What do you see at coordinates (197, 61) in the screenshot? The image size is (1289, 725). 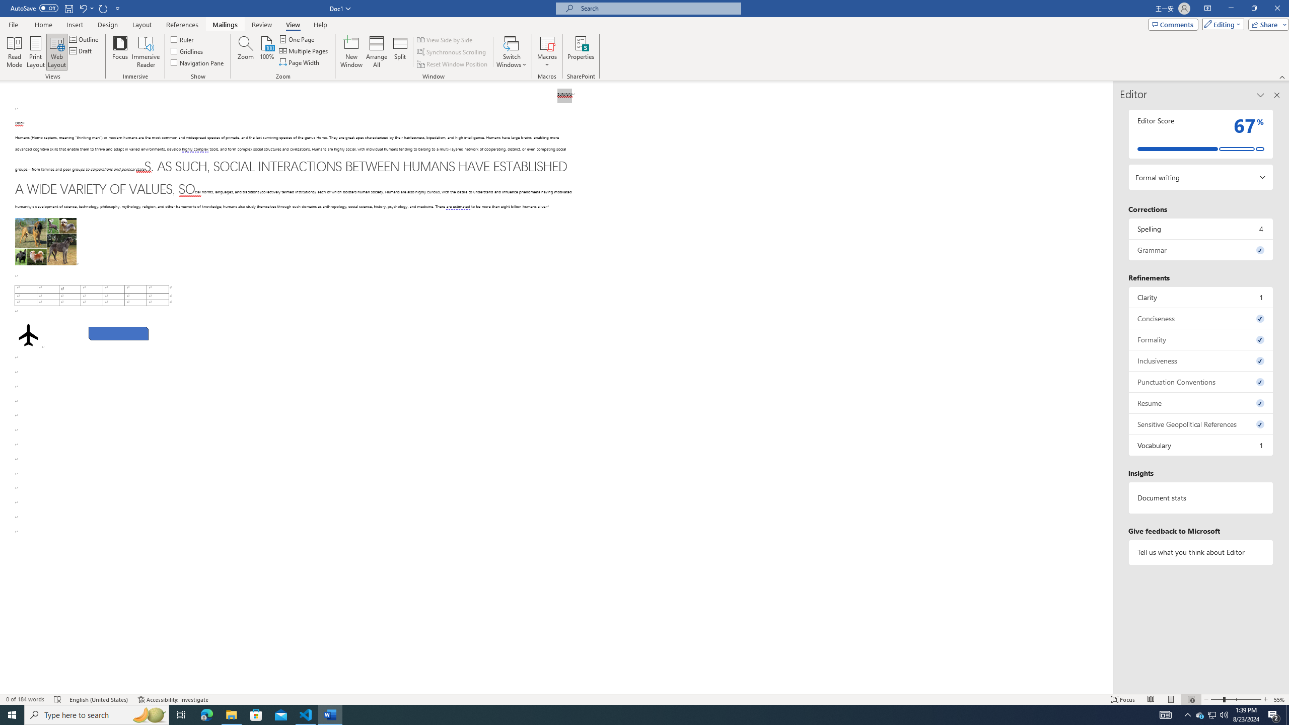 I see `'Navigation Pane'` at bounding box center [197, 61].